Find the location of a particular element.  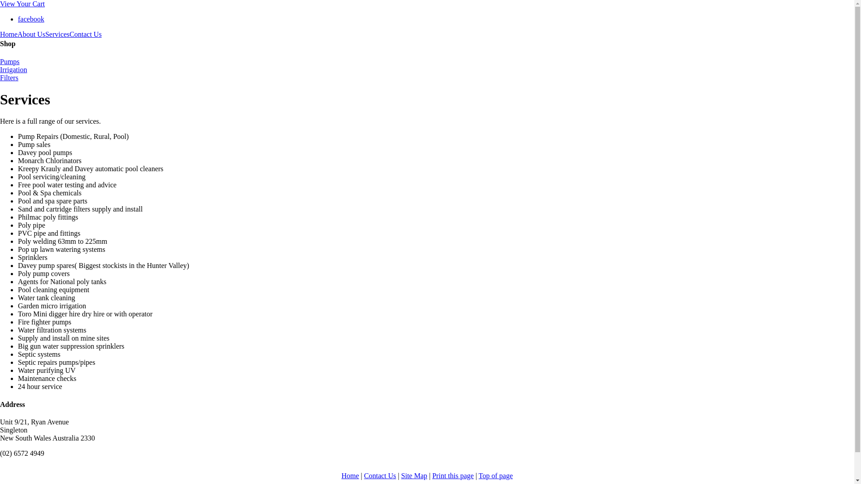

'Irrigation' is located at coordinates (426, 69).